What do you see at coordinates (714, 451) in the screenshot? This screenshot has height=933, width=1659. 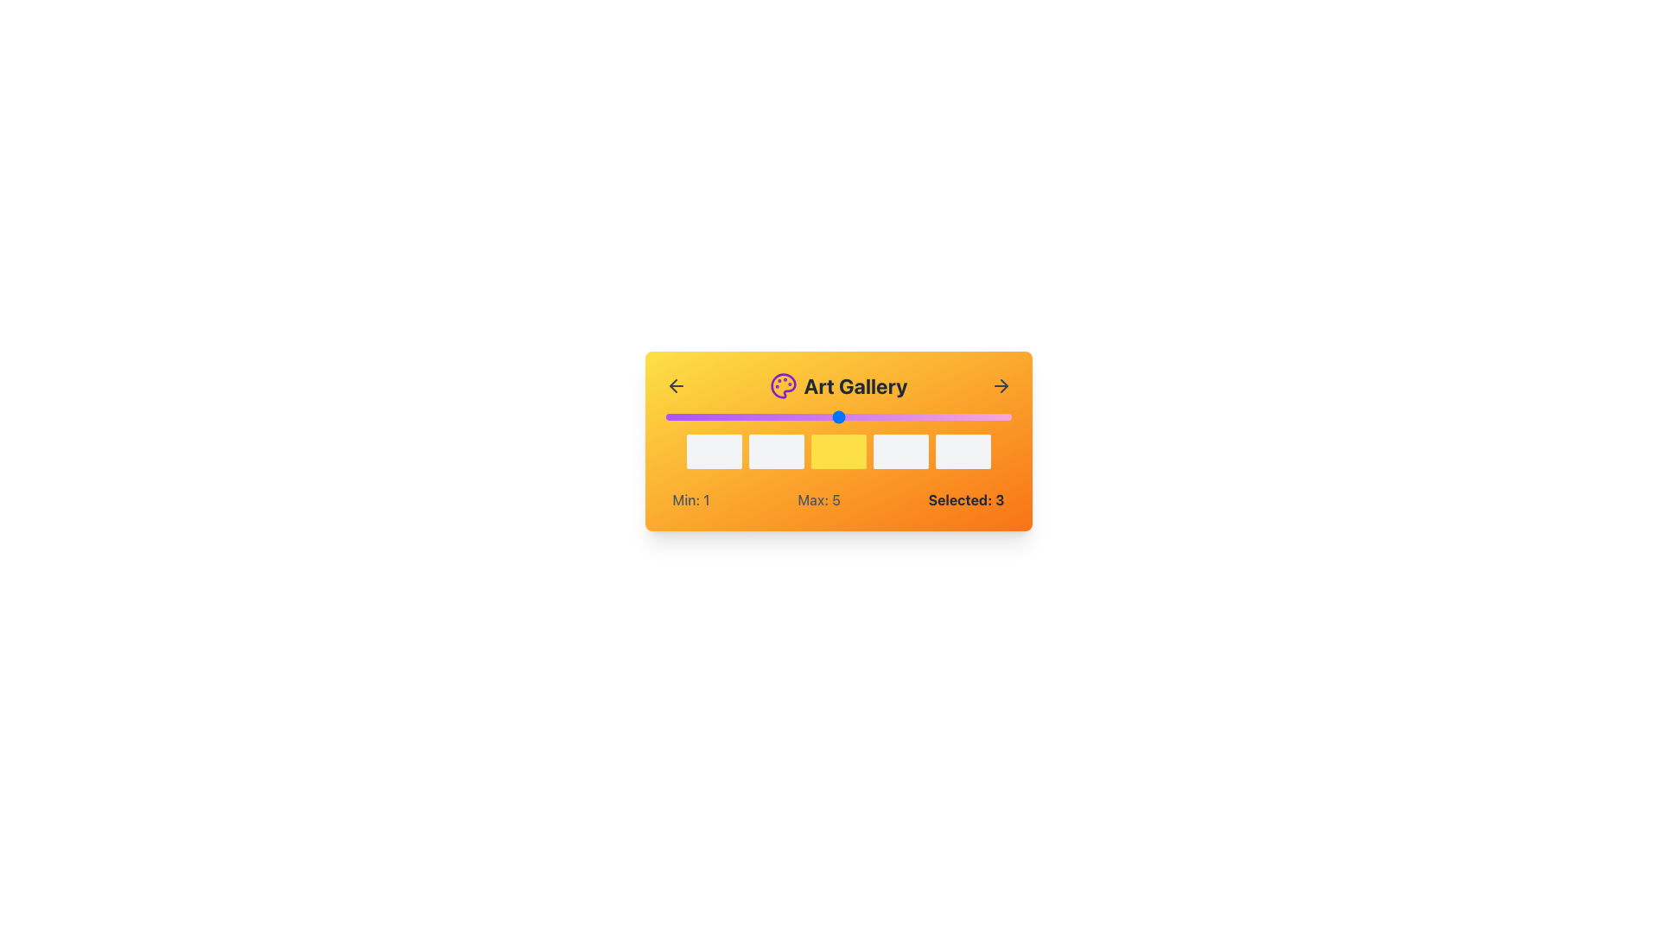 I see `the first light gray rectangular block located below the 'Art Gallery' section` at bounding box center [714, 451].